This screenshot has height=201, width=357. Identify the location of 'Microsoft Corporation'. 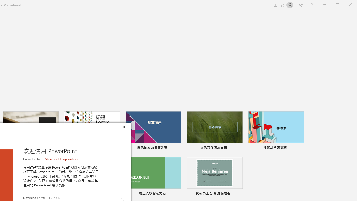
(61, 159).